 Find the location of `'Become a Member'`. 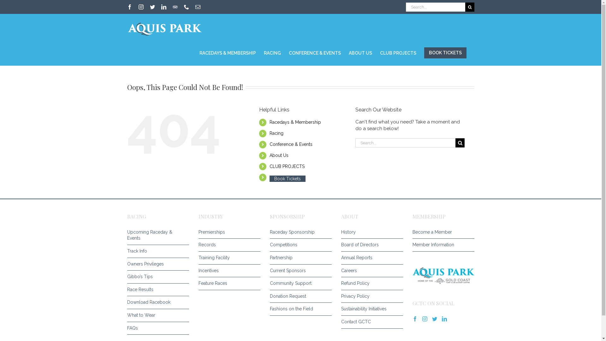

'Become a Member' is located at coordinates (441, 232).